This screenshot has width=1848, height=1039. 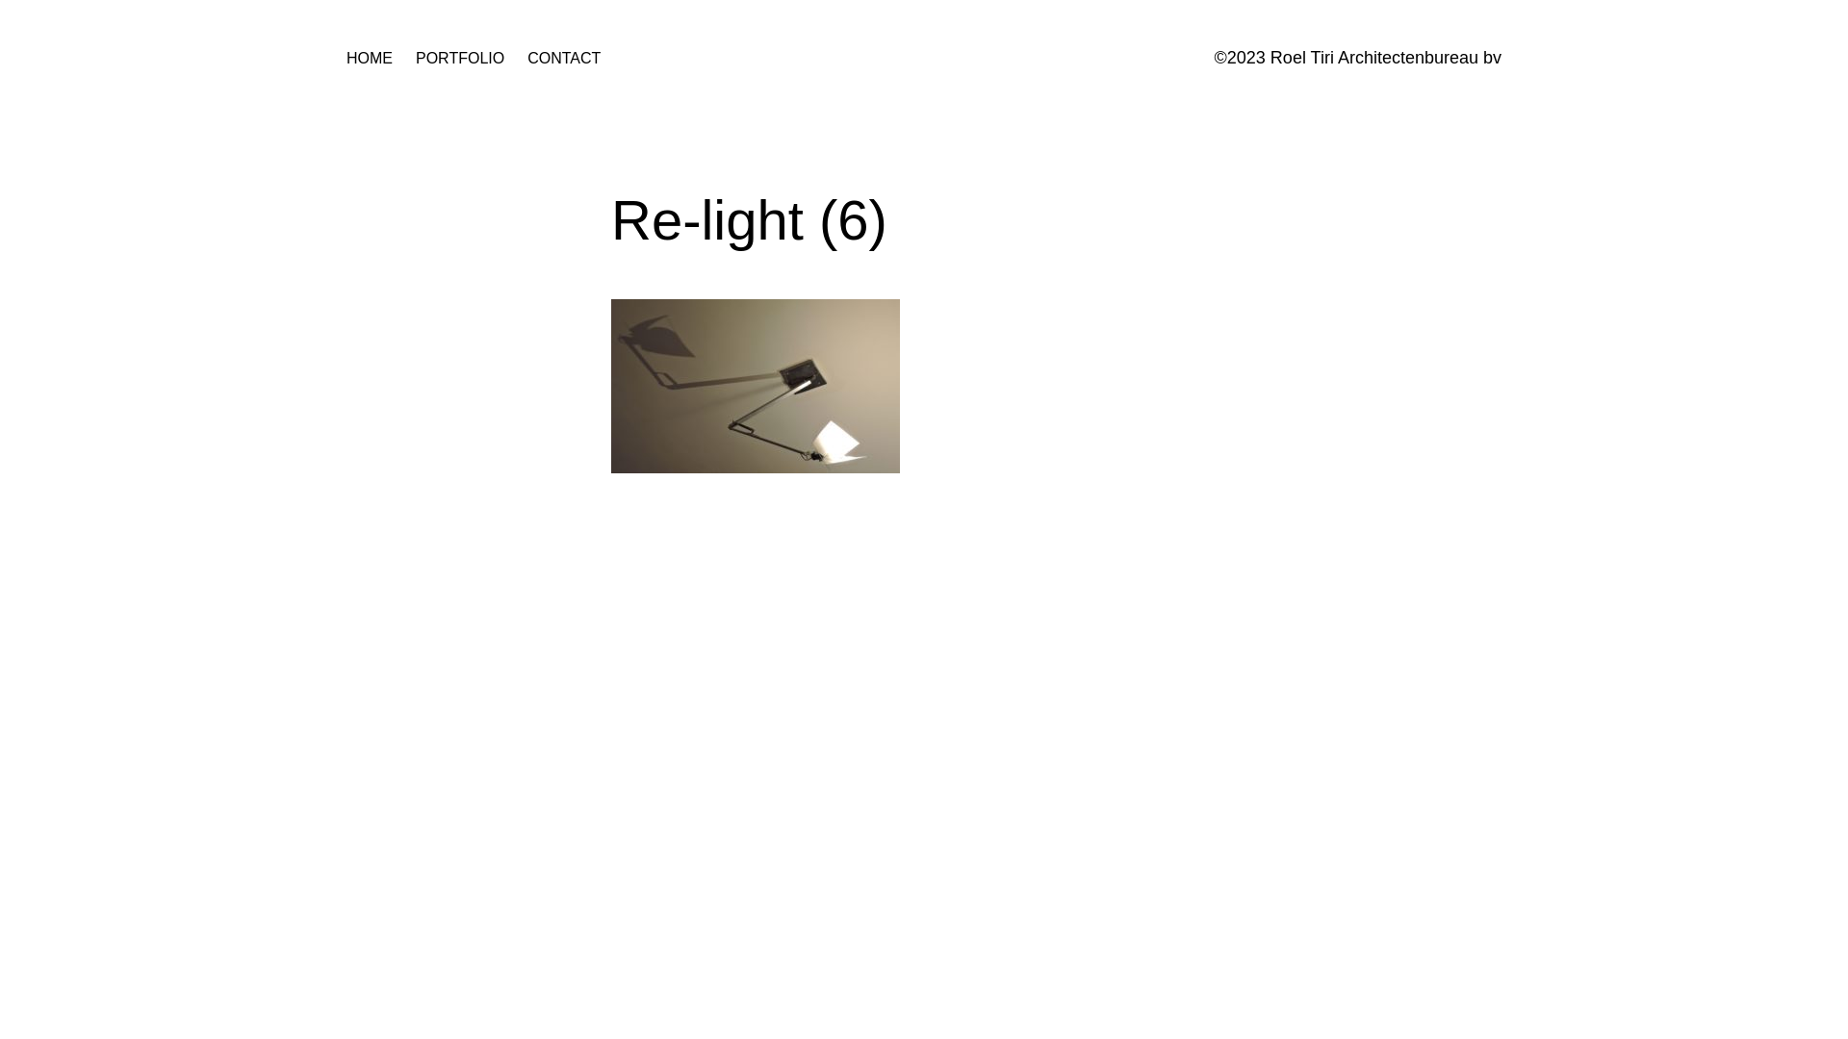 What do you see at coordinates (370, 58) in the screenshot?
I see `'HOME'` at bounding box center [370, 58].